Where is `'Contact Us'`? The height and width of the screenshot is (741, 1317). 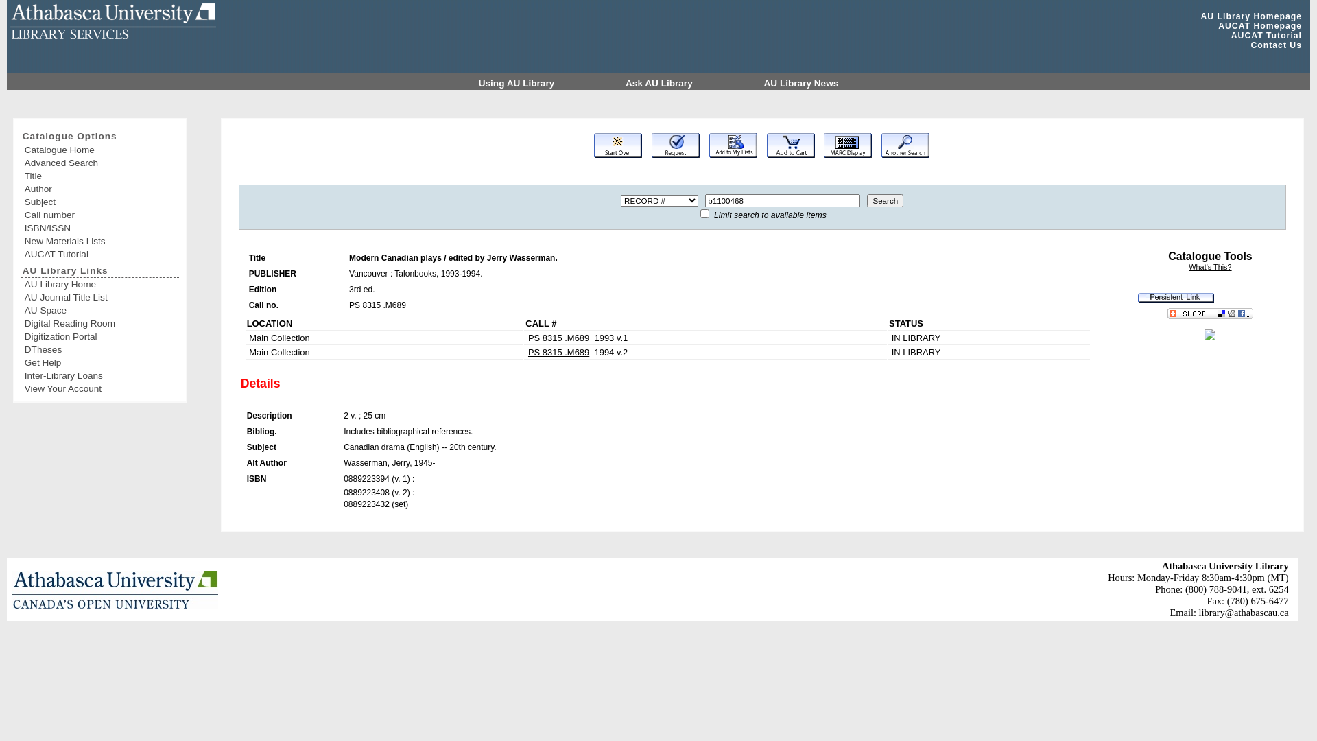 'Contact Us' is located at coordinates (1250, 44).